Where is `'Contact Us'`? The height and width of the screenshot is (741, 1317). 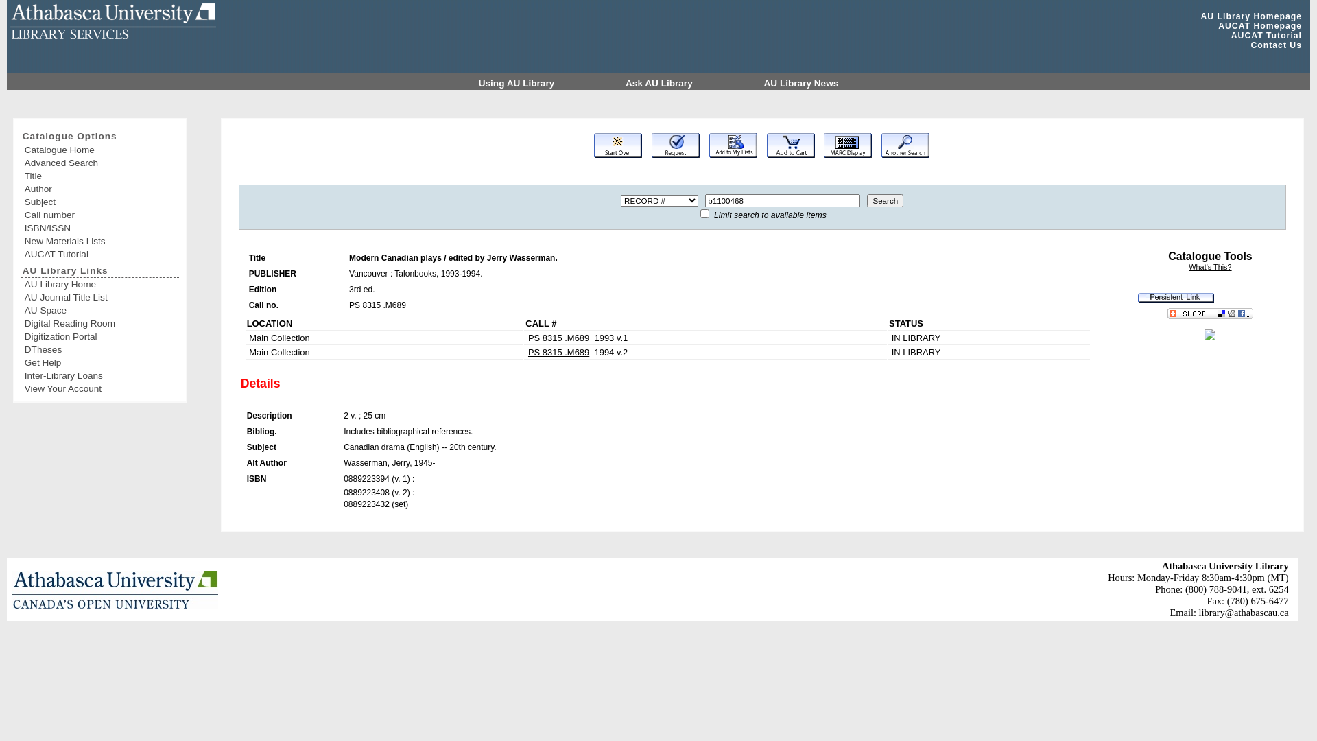 'Contact Us' is located at coordinates (1250, 44).